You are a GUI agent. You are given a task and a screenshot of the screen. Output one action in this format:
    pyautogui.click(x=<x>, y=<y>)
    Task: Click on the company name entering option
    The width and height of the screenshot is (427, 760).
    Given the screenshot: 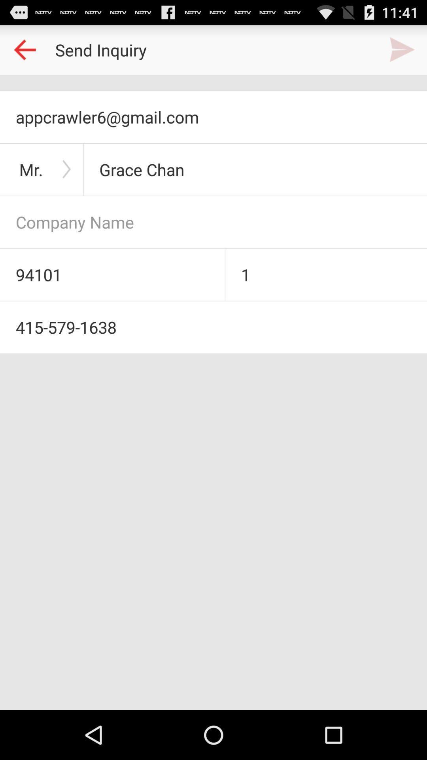 What is the action you would take?
    pyautogui.click(x=213, y=222)
    